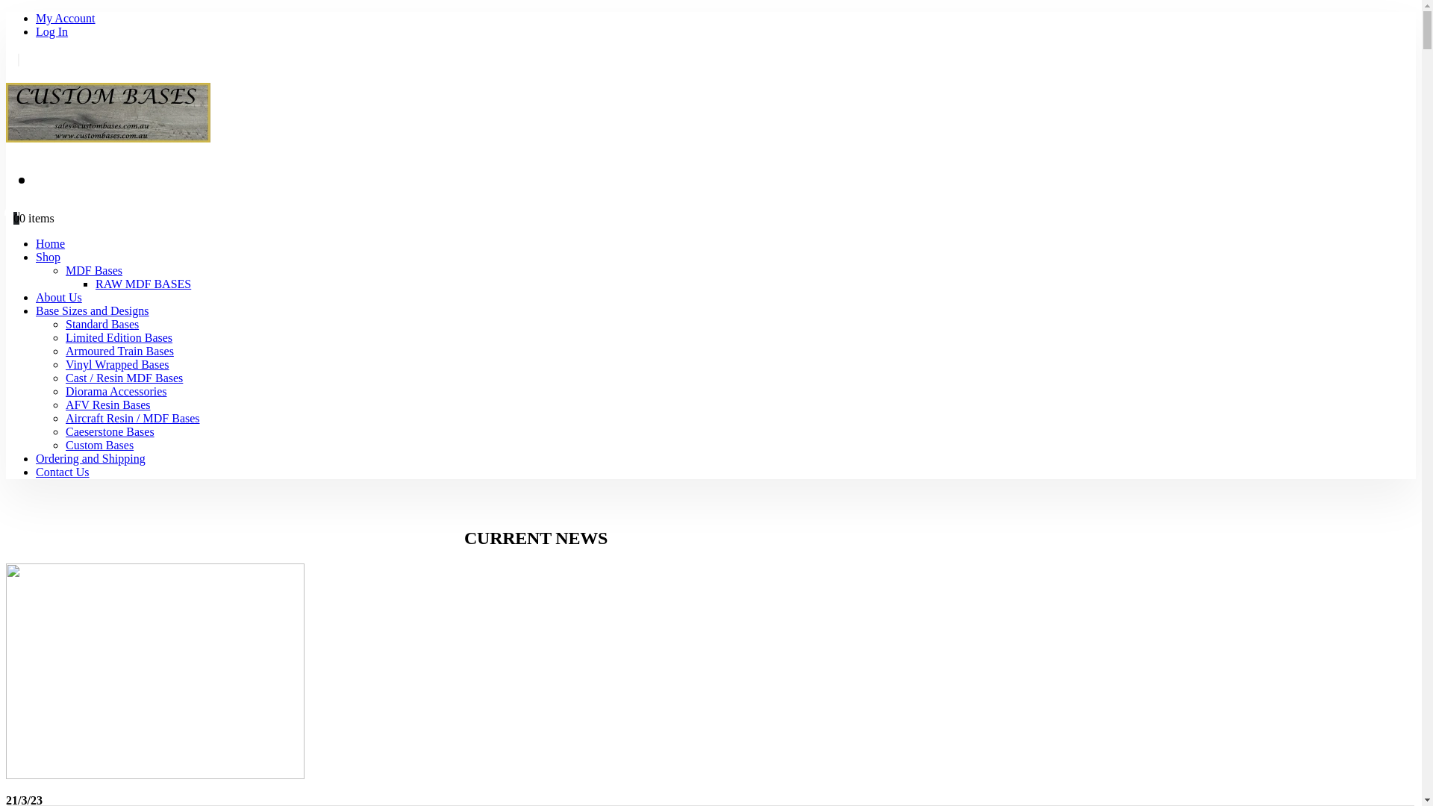 This screenshot has width=1433, height=806. I want to click on 'AFV Resin Bases', so click(107, 404).